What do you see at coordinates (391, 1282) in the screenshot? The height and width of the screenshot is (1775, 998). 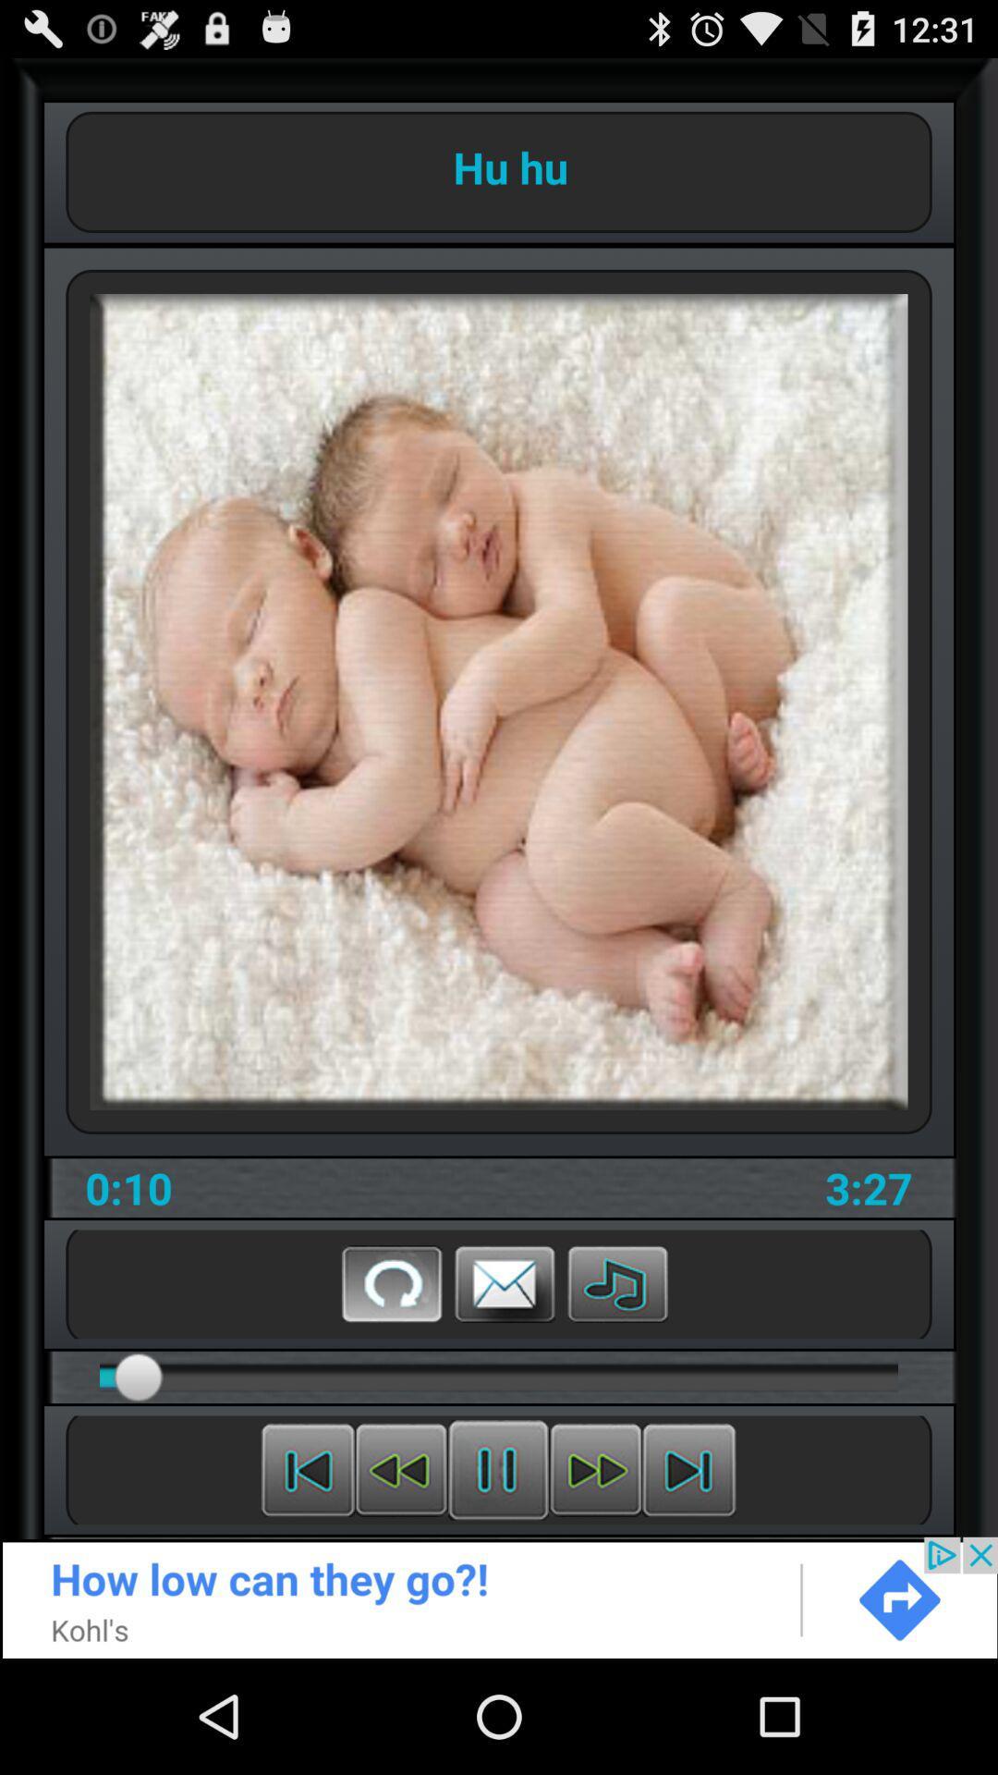 I see `the refresh button on the web page` at bounding box center [391, 1282].